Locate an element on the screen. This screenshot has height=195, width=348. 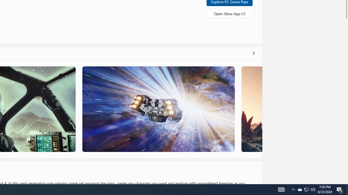
'Screenshot 3' is located at coordinates (158, 109).